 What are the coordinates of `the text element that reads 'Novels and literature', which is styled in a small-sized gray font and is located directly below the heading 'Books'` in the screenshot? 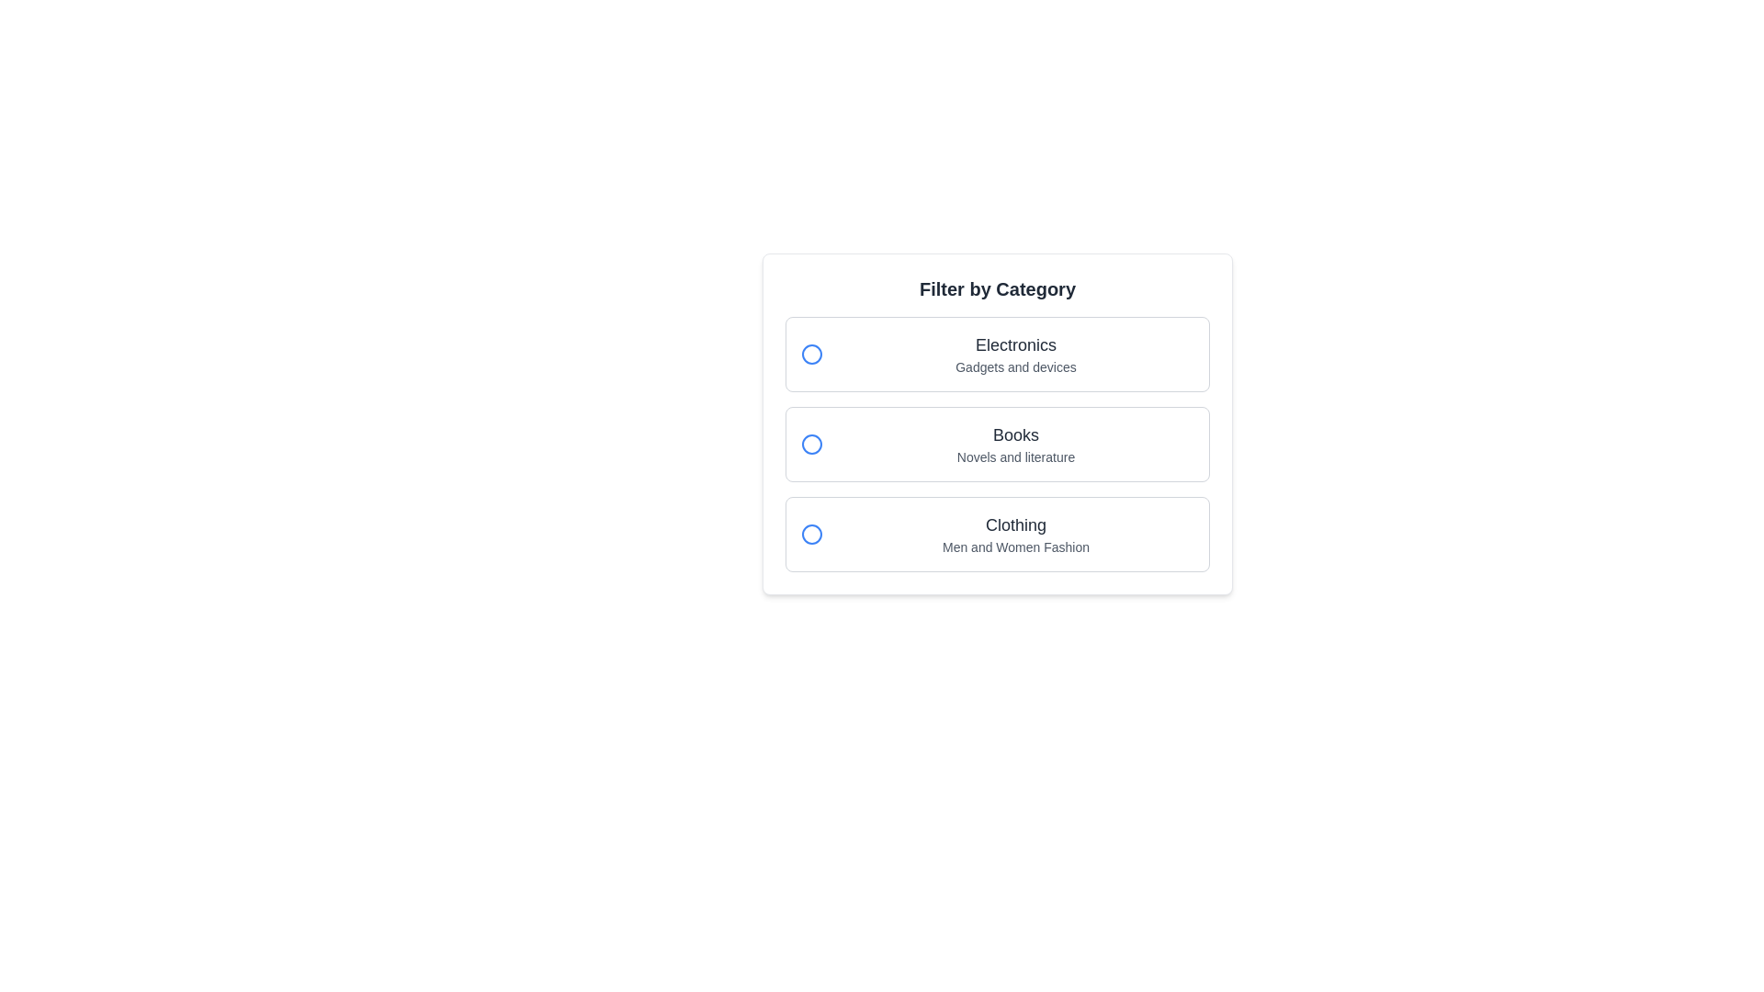 It's located at (1014, 456).